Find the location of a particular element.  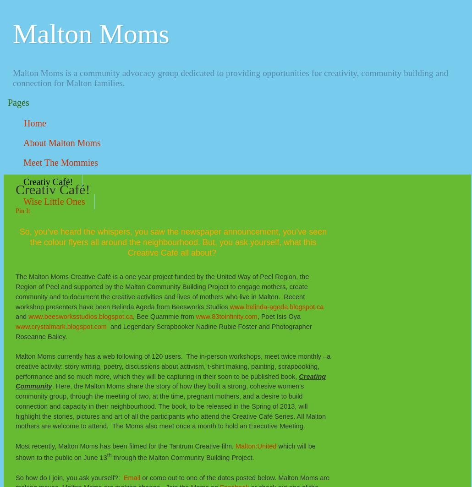

'Meet The Mommies' is located at coordinates (60, 162).